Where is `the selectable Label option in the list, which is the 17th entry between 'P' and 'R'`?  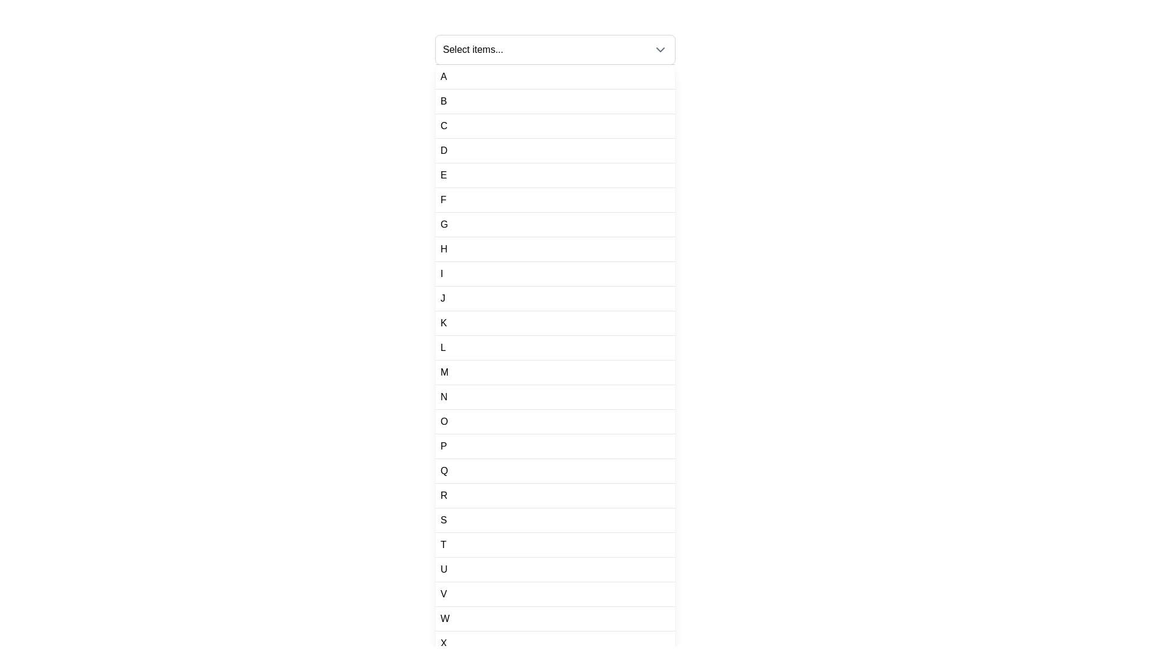
the selectable Label option in the list, which is the 17th entry between 'P' and 'R' is located at coordinates (444, 470).